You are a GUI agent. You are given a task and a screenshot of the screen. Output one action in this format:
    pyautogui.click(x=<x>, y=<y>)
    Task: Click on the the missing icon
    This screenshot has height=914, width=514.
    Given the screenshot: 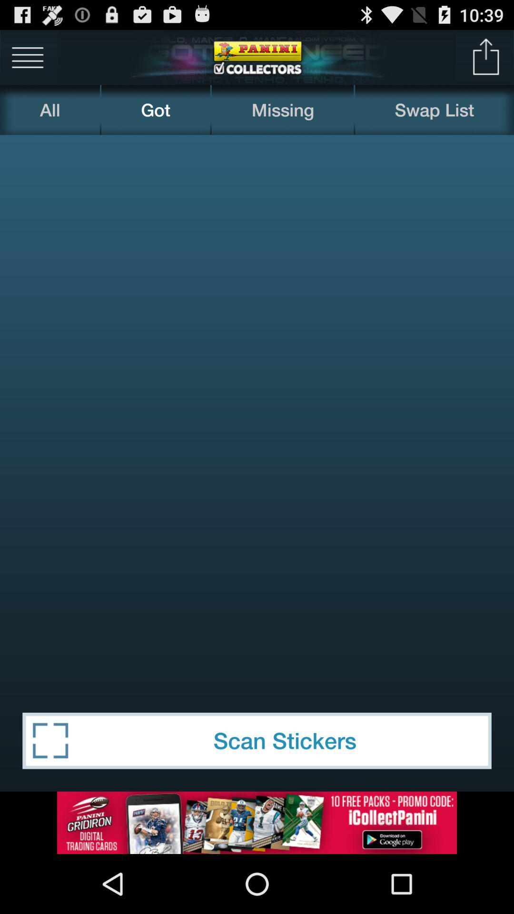 What is the action you would take?
    pyautogui.click(x=282, y=109)
    